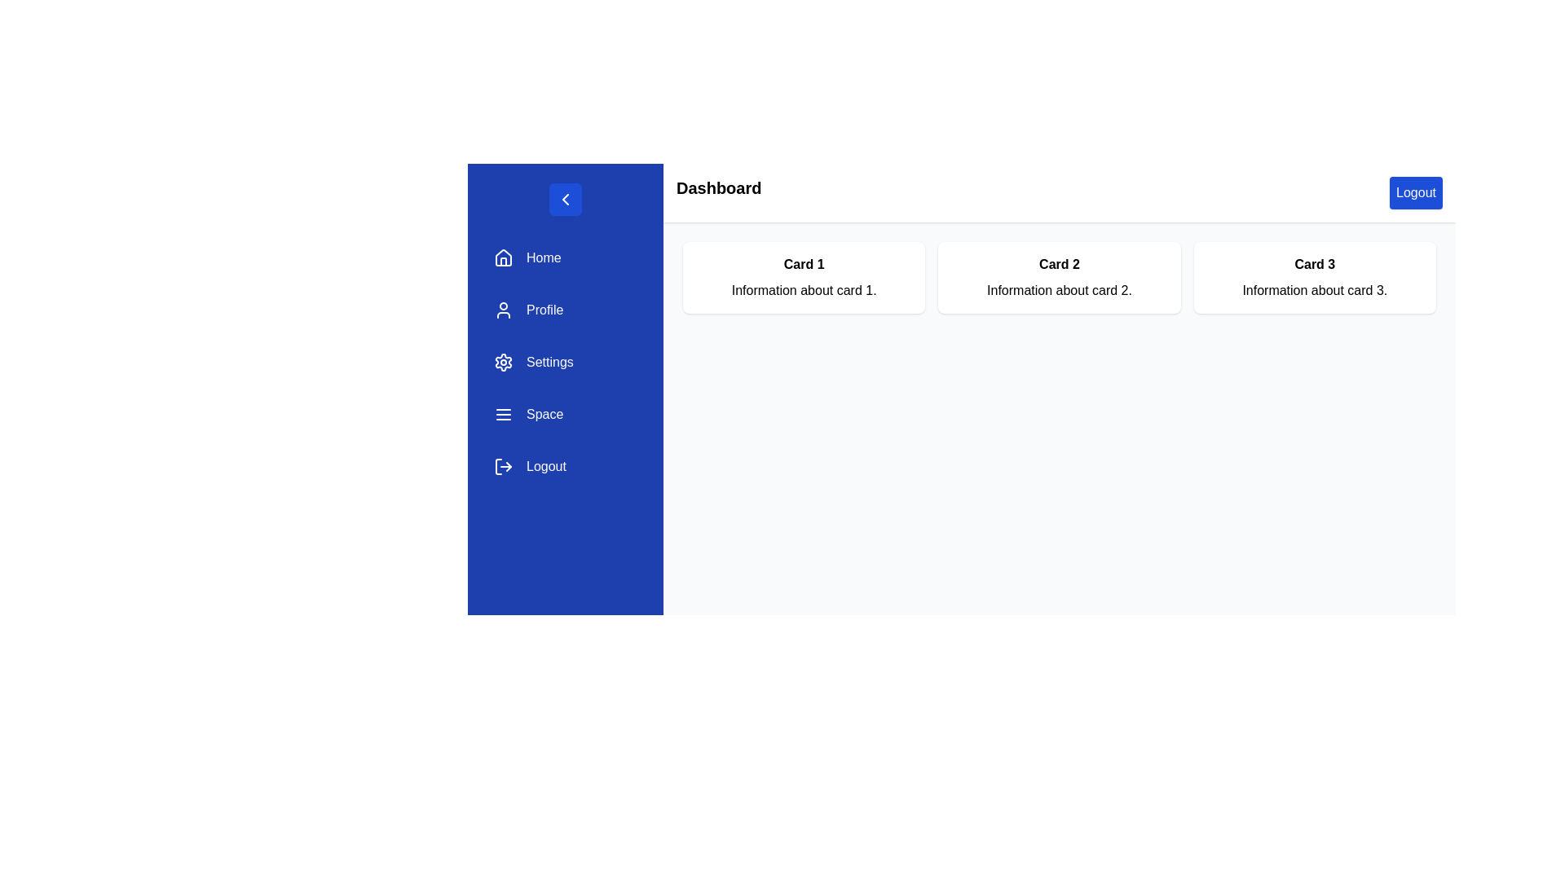 This screenshot has width=1565, height=880. I want to click on the 'Home' button icon in the left vertical navigation bar, which is positioned at the top of the list adjacent to the 'Home' label, so click(503, 257).